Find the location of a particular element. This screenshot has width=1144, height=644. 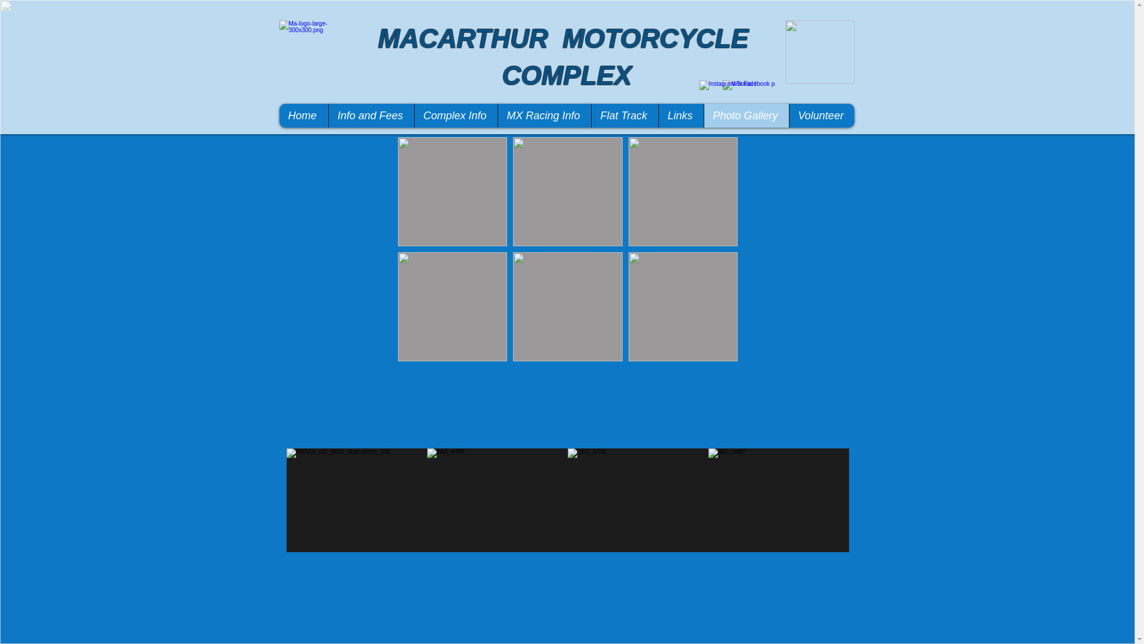

'Volunteer' is located at coordinates (820, 115).